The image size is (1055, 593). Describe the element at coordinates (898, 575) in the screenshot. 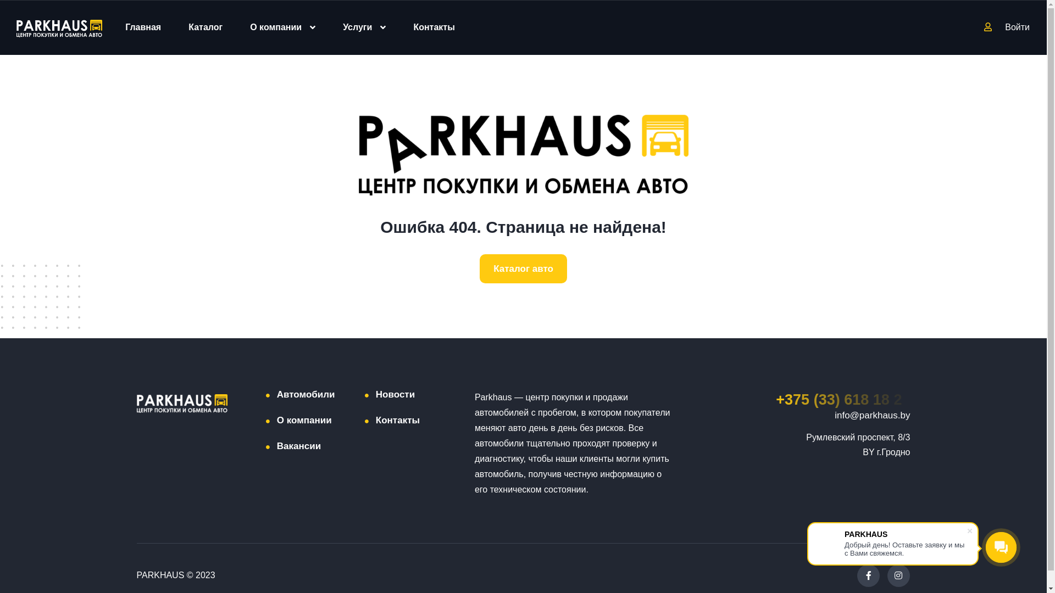

I see `'Instagram'` at that location.